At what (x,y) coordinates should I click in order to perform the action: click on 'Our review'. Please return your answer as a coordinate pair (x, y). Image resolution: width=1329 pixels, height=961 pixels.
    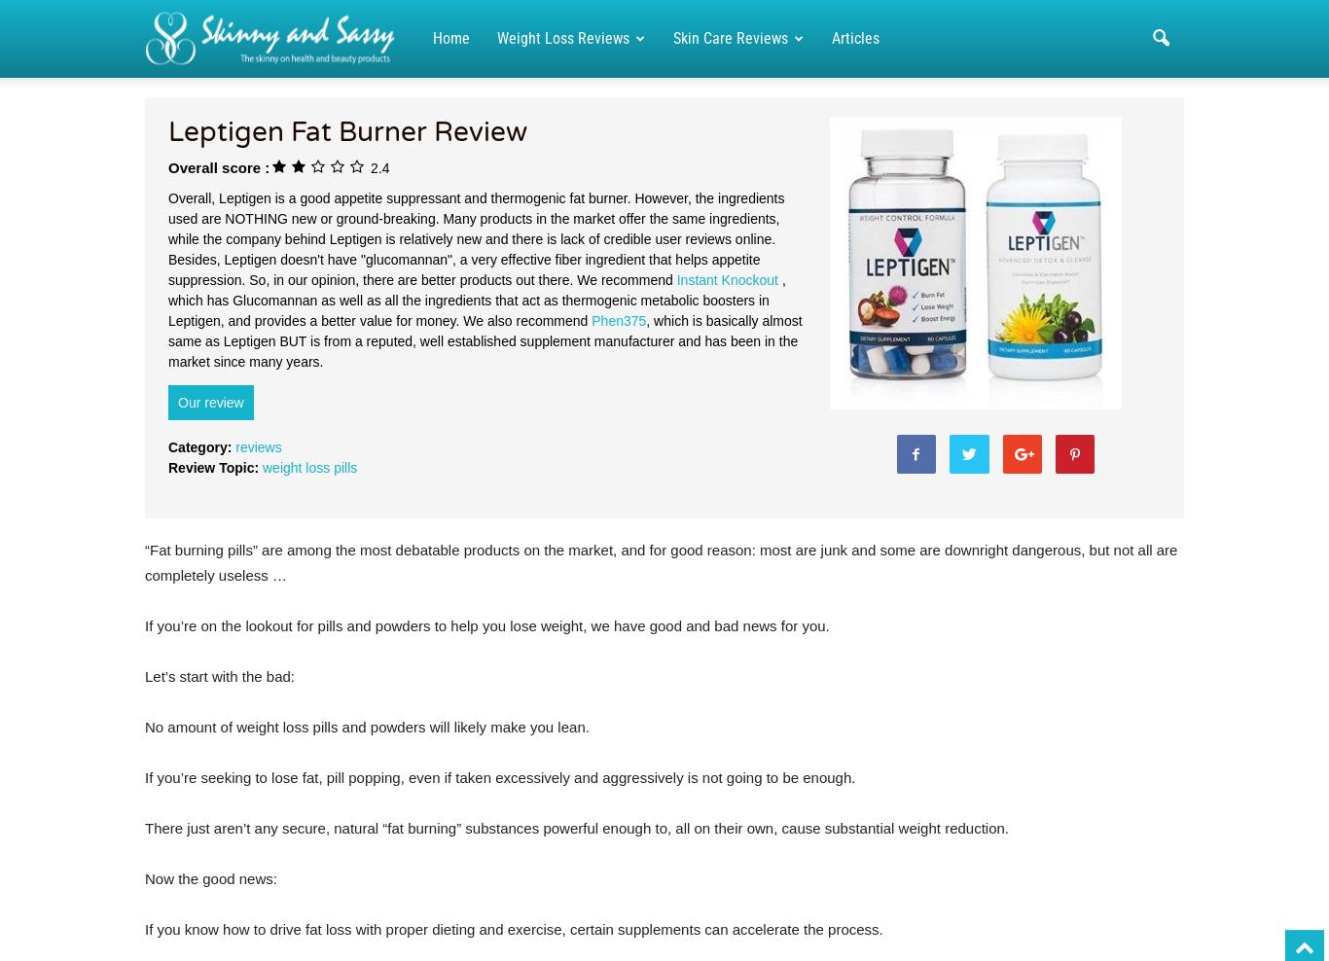
    Looking at the image, I should click on (209, 401).